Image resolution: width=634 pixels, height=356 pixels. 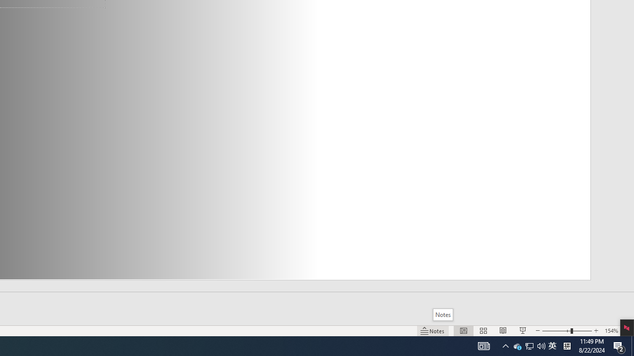 I want to click on 'Notes', so click(x=442, y=314).